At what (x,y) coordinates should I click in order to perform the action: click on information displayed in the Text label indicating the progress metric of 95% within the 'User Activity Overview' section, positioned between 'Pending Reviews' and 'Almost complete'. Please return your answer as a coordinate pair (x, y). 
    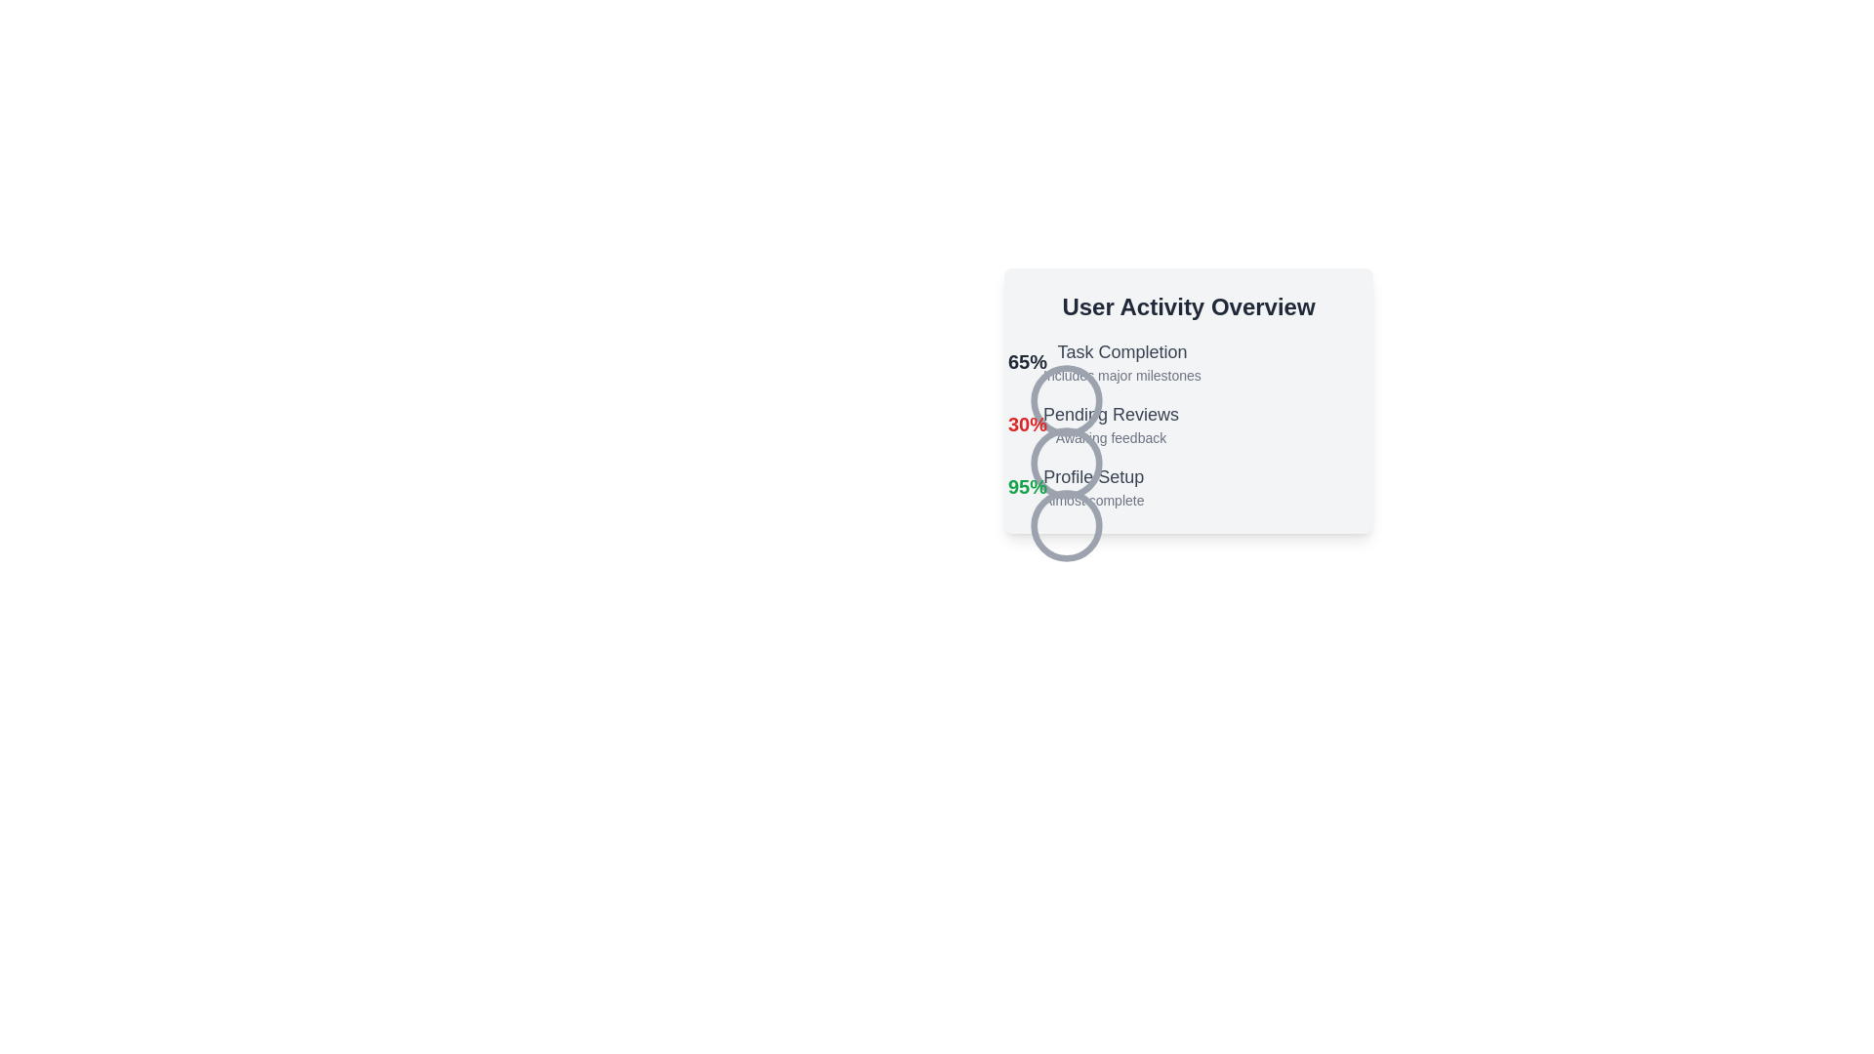
    Looking at the image, I should click on (1093, 477).